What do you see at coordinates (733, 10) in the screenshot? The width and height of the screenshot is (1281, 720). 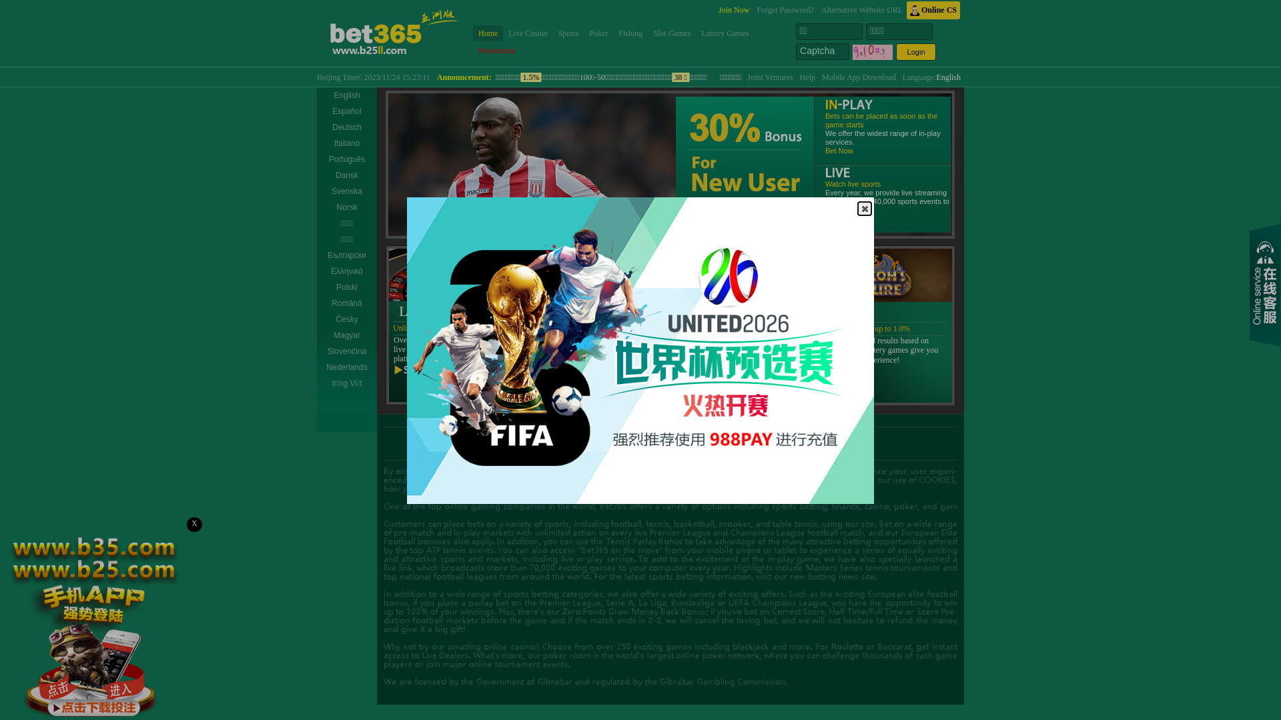 I see `'Join Now'` at bounding box center [733, 10].